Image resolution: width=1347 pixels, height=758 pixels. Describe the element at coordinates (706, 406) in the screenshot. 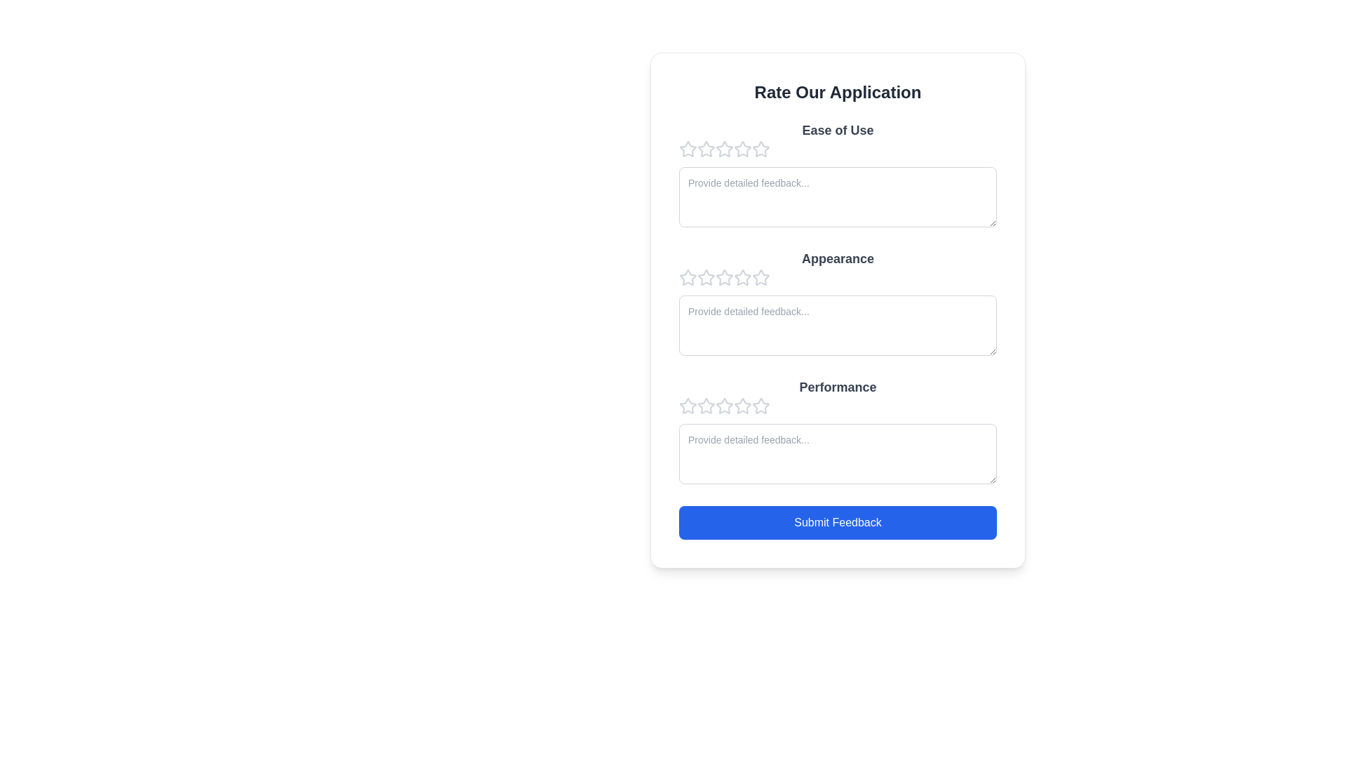

I see `the second star icon in the 'Performance' section` at that location.